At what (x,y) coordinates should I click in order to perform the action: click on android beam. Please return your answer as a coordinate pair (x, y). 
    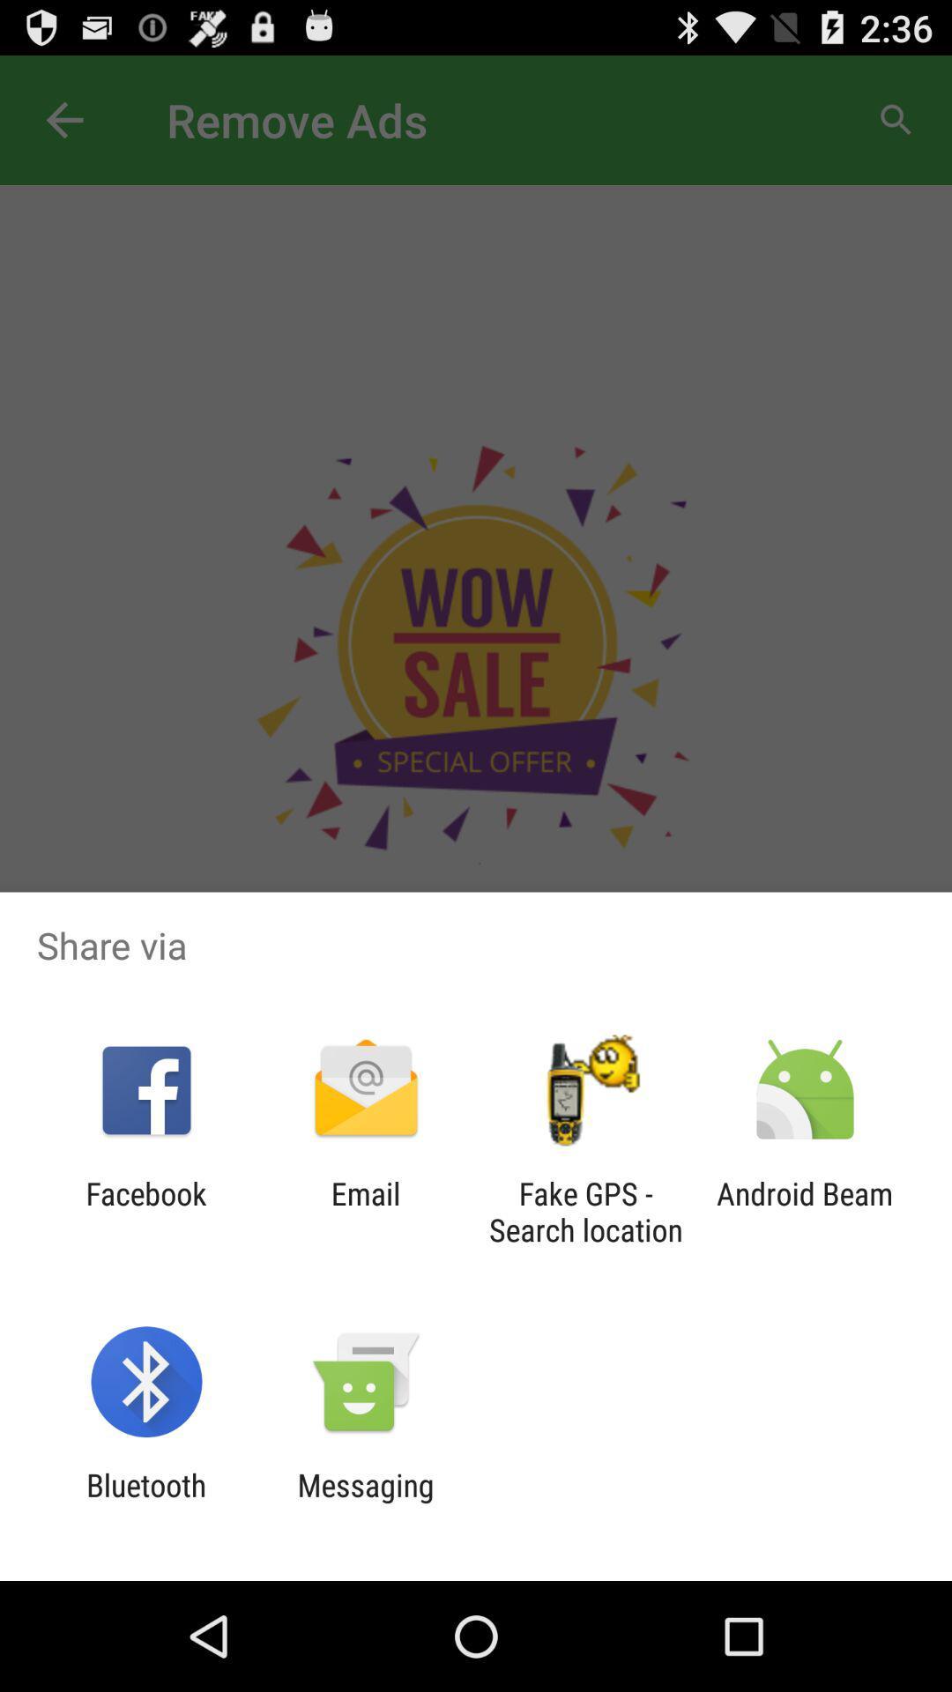
    Looking at the image, I should click on (805, 1211).